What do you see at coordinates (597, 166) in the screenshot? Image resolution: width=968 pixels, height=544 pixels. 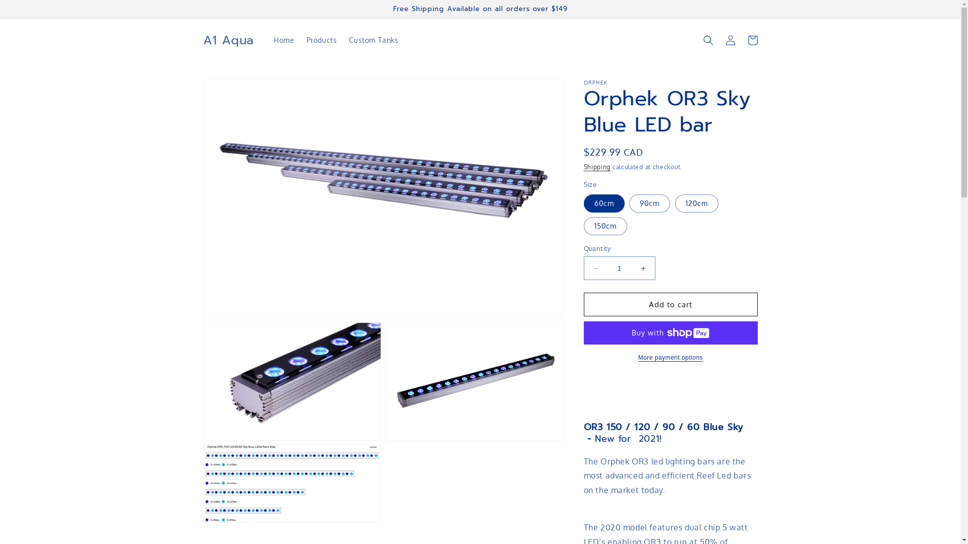 I see `'Shipping'` at bounding box center [597, 166].